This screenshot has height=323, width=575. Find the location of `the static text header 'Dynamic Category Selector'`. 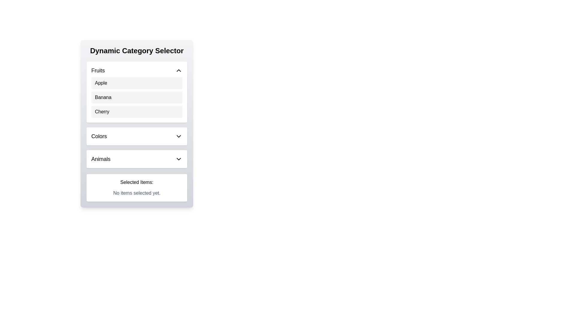

the static text header 'Dynamic Category Selector' is located at coordinates (136, 50).